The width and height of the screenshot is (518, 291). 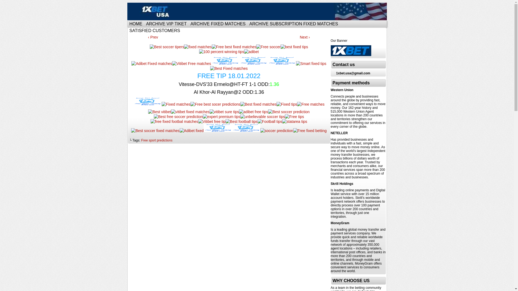 I want to click on 'free fixed footbal matches', so click(x=174, y=122).